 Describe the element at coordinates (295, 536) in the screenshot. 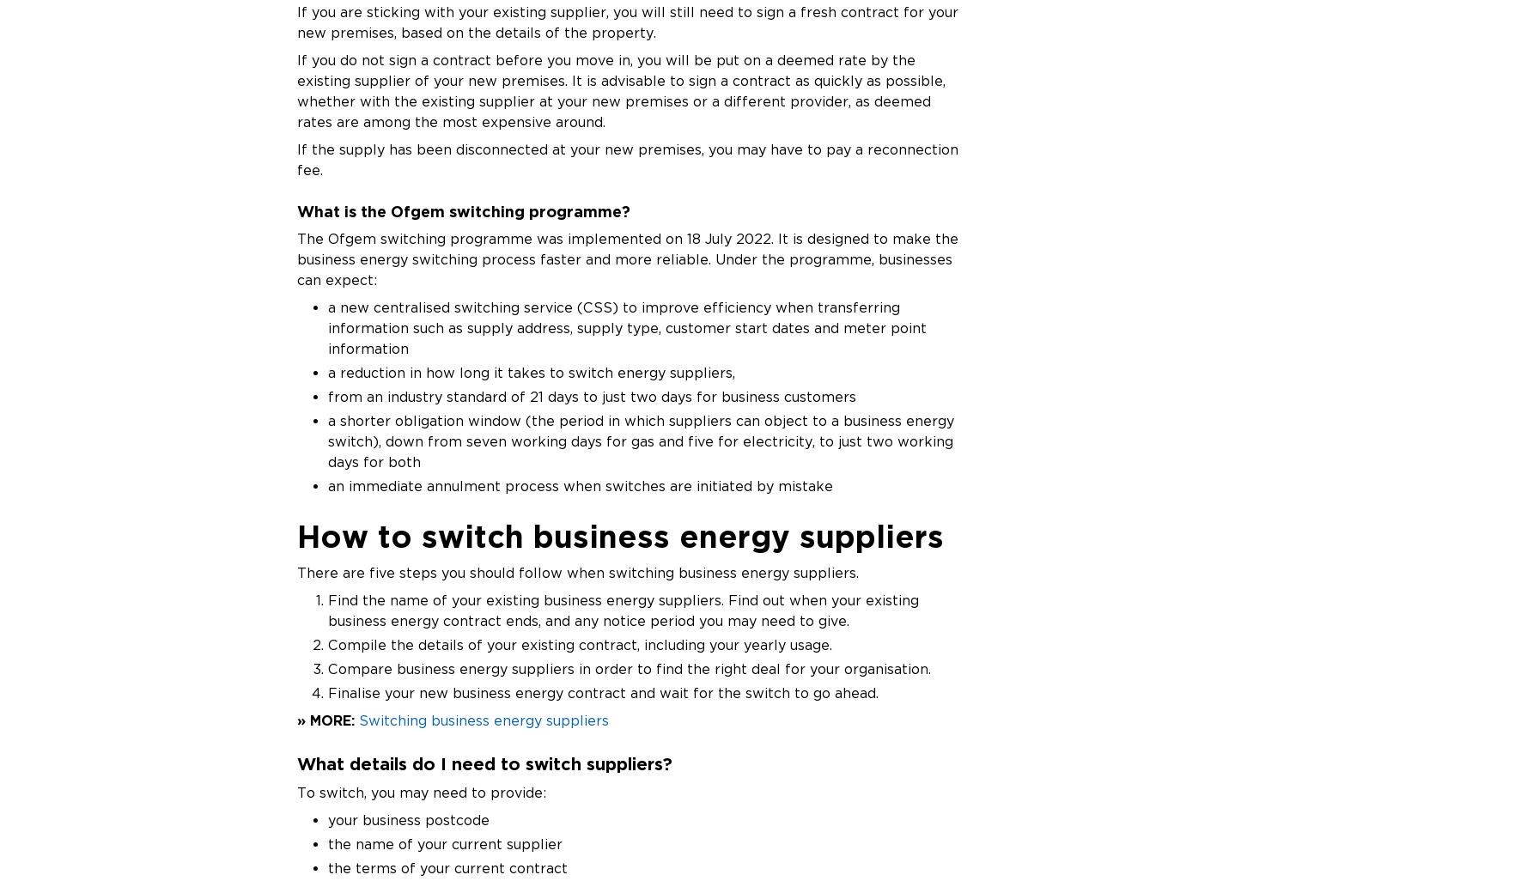

I see `'How to switch business energy suppliers'` at that location.